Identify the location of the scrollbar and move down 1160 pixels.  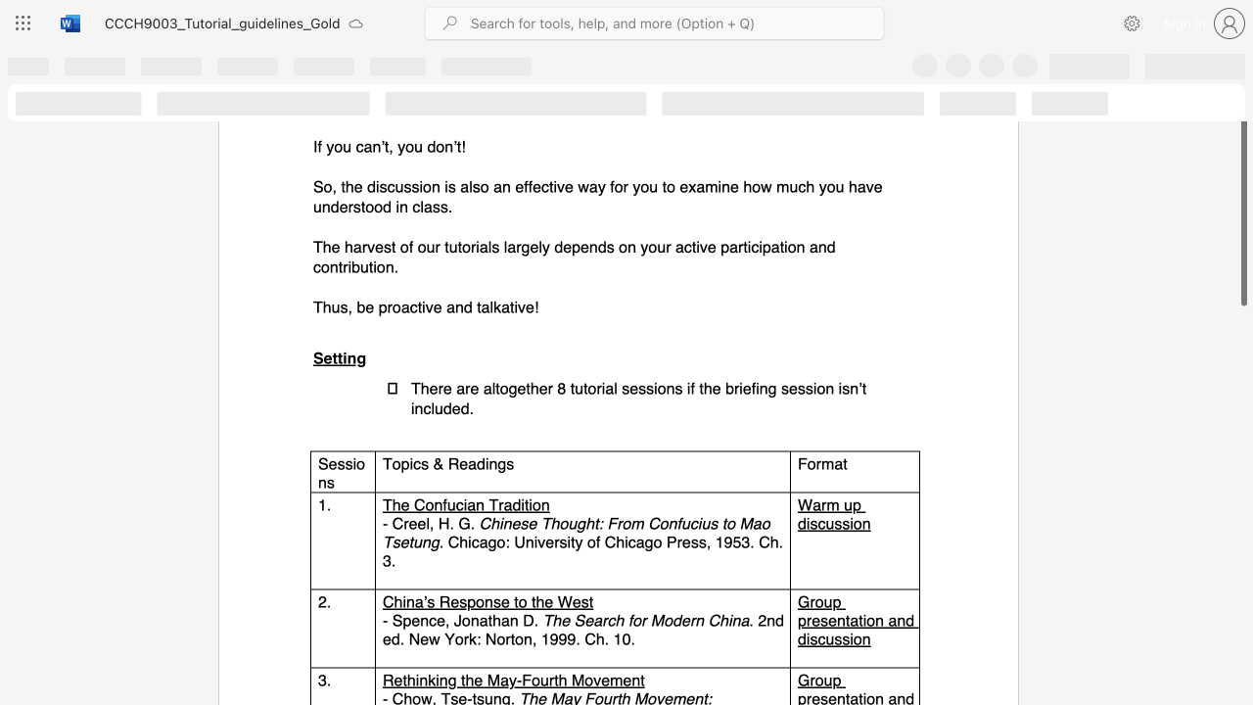
(1242, 211).